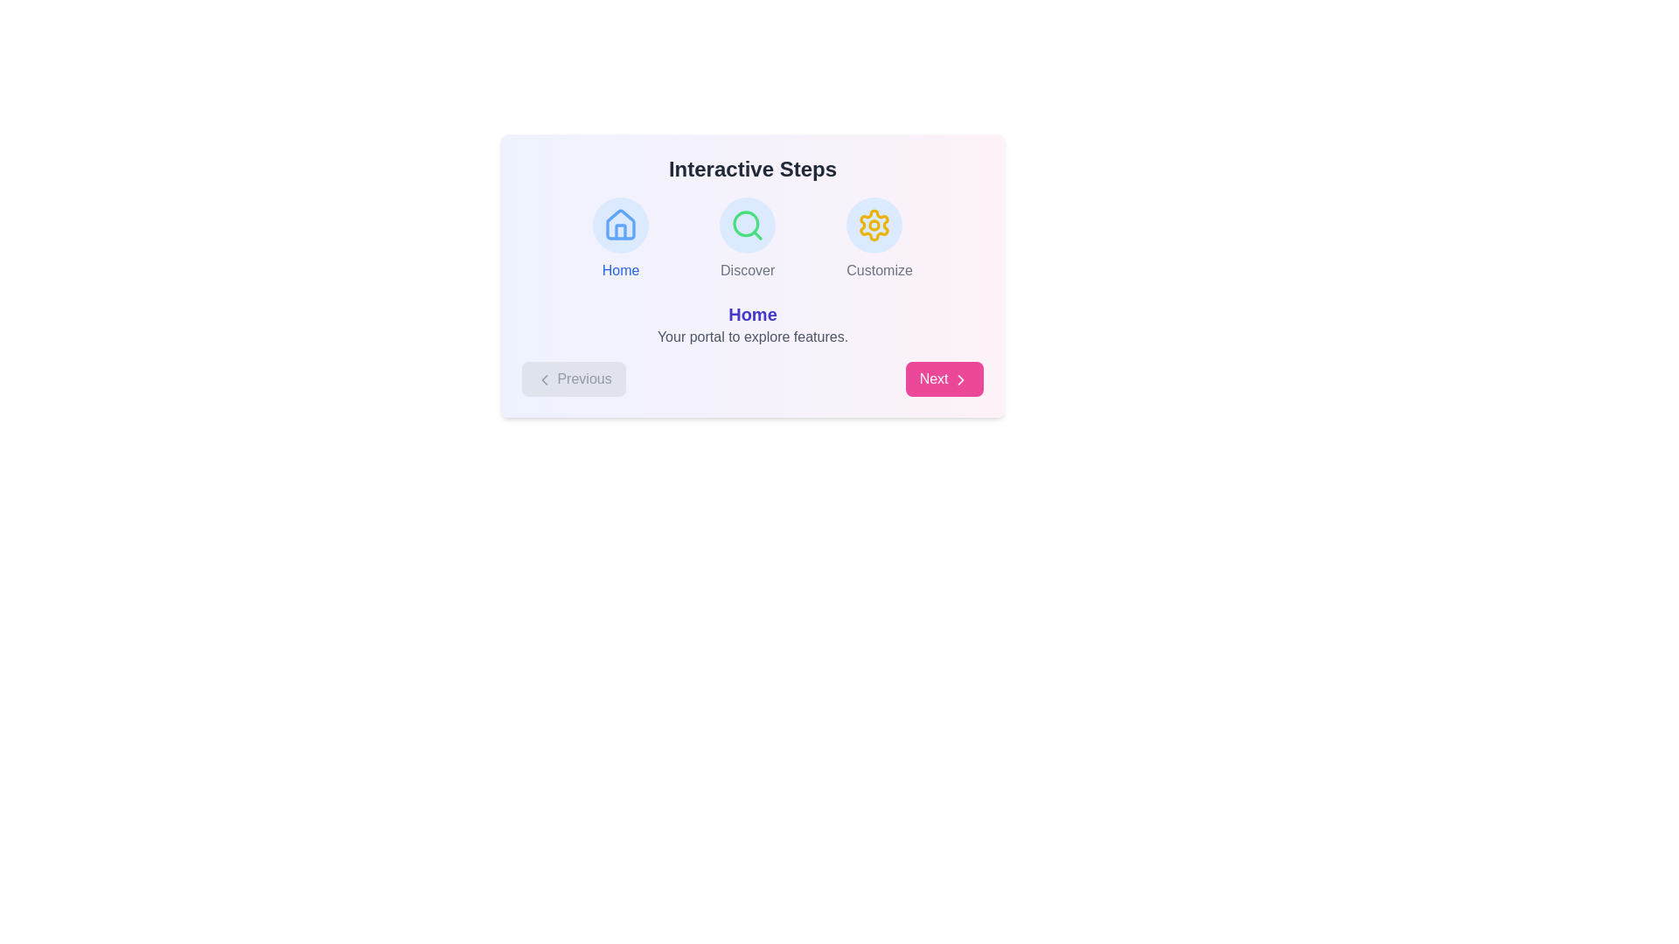 This screenshot has width=1679, height=944. Describe the element at coordinates (748, 239) in the screenshot. I see `label of the Informative Icon with Label, which consists of a magnifying glass icon and the text 'Discover' in gray color, located below 'Interactive Steps'` at that location.